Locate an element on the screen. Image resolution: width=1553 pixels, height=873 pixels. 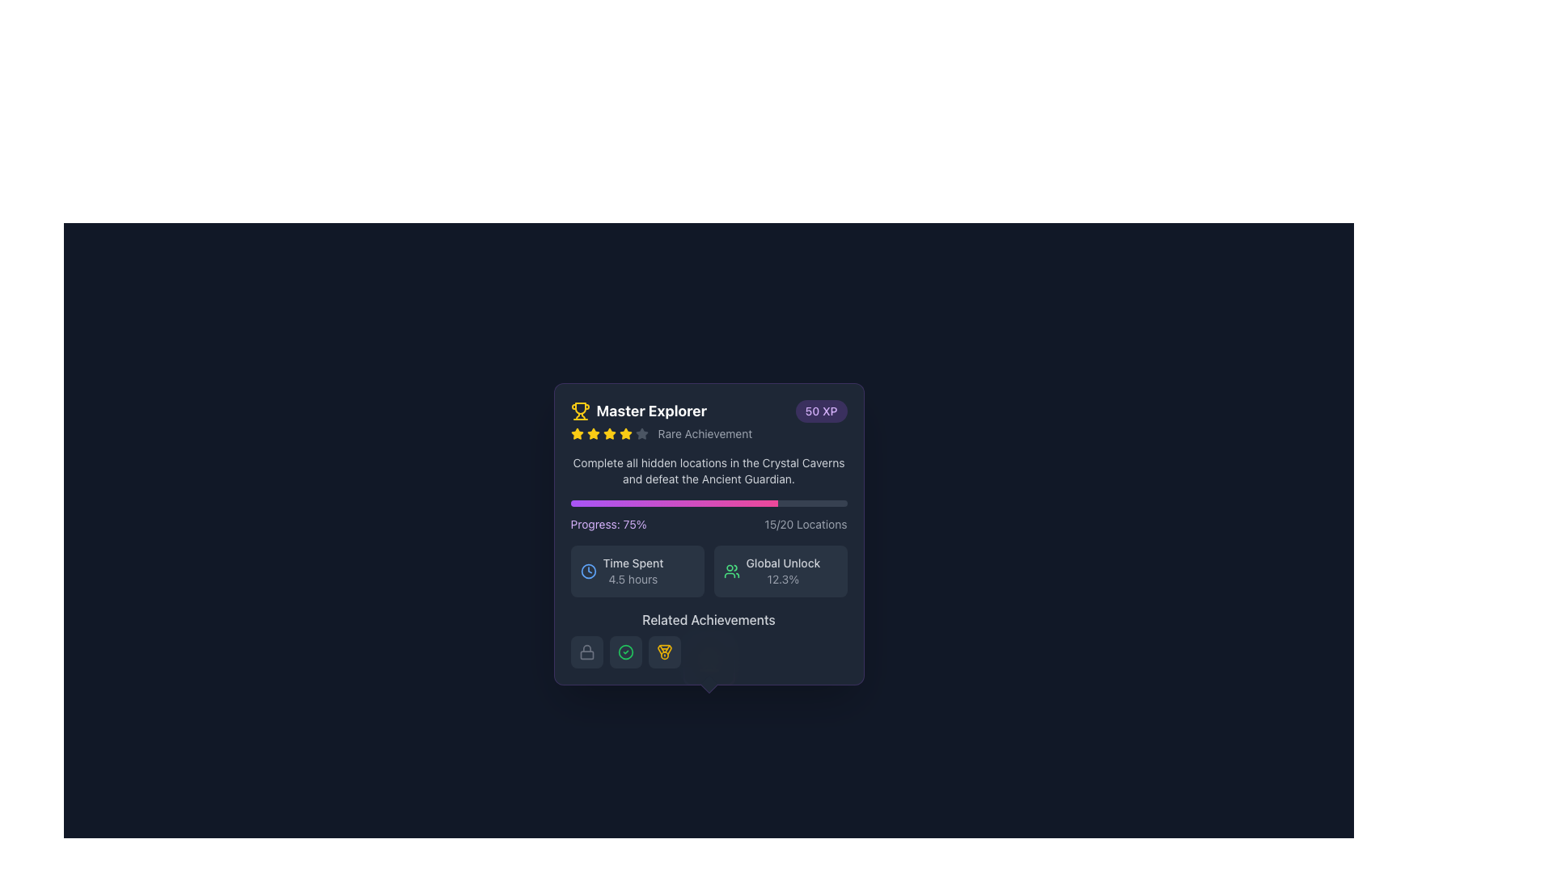
the third button on the right within the 'Related Achievements' card is located at coordinates (664, 651).